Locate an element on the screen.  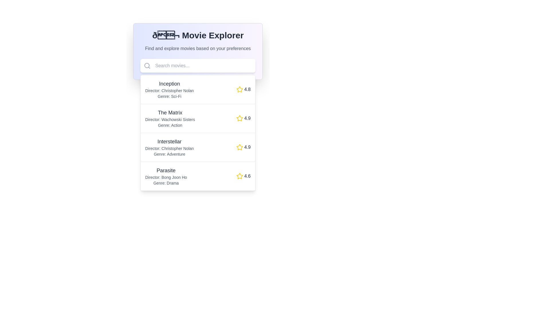
displayed rating from the Rating component (star icon and text) of the fourth movie entry, 'Parasite', located towards the right of the movie list is located at coordinates (243, 176).